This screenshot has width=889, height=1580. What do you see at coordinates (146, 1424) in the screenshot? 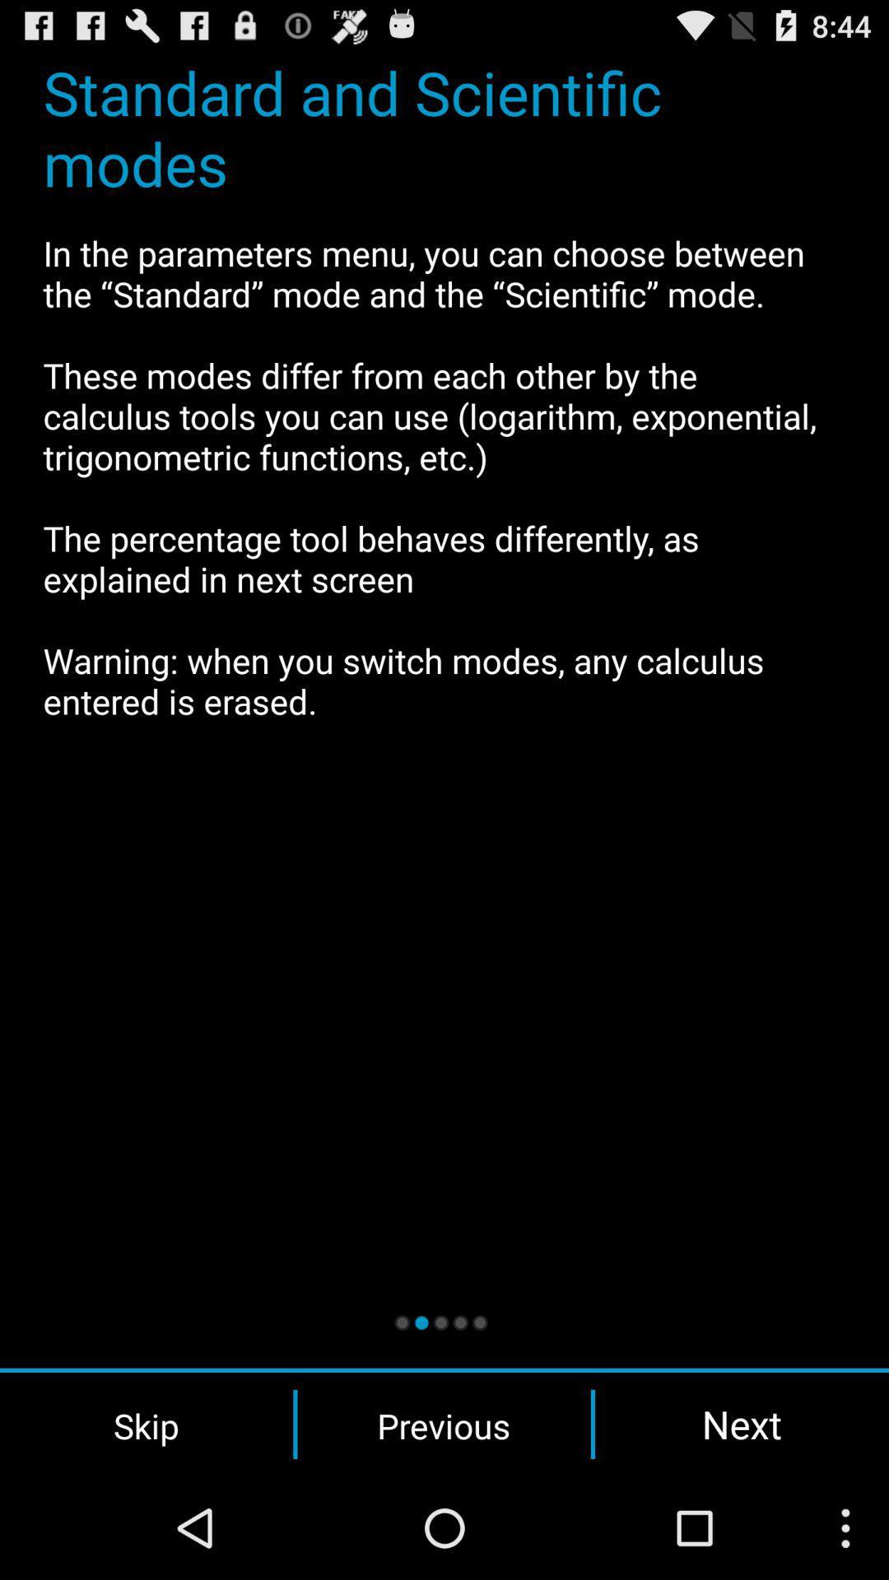
I see `the skip button` at bounding box center [146, 1424].